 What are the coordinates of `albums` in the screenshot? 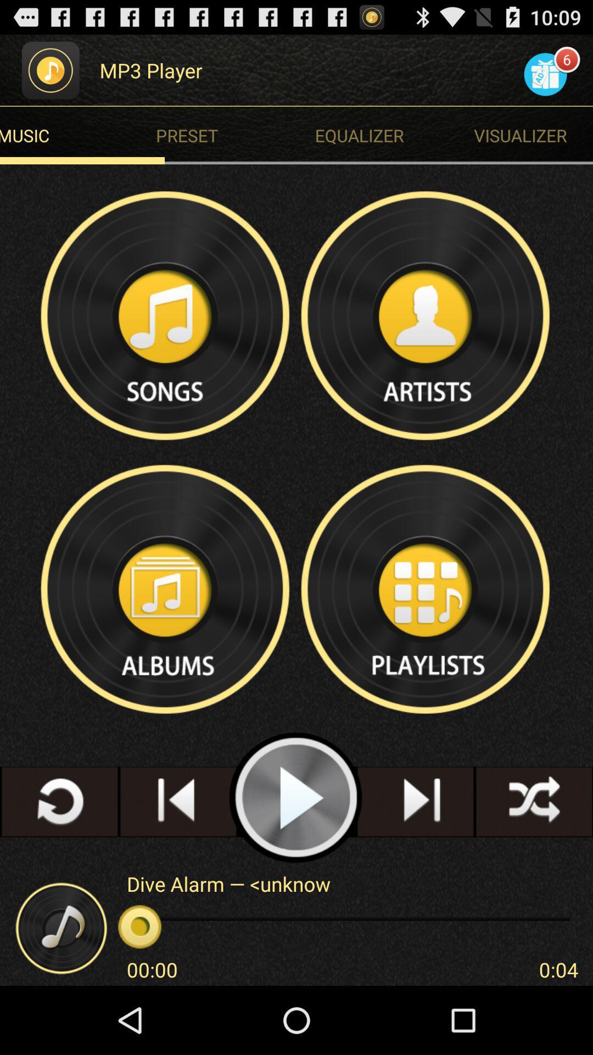 It's located at (166, 588).